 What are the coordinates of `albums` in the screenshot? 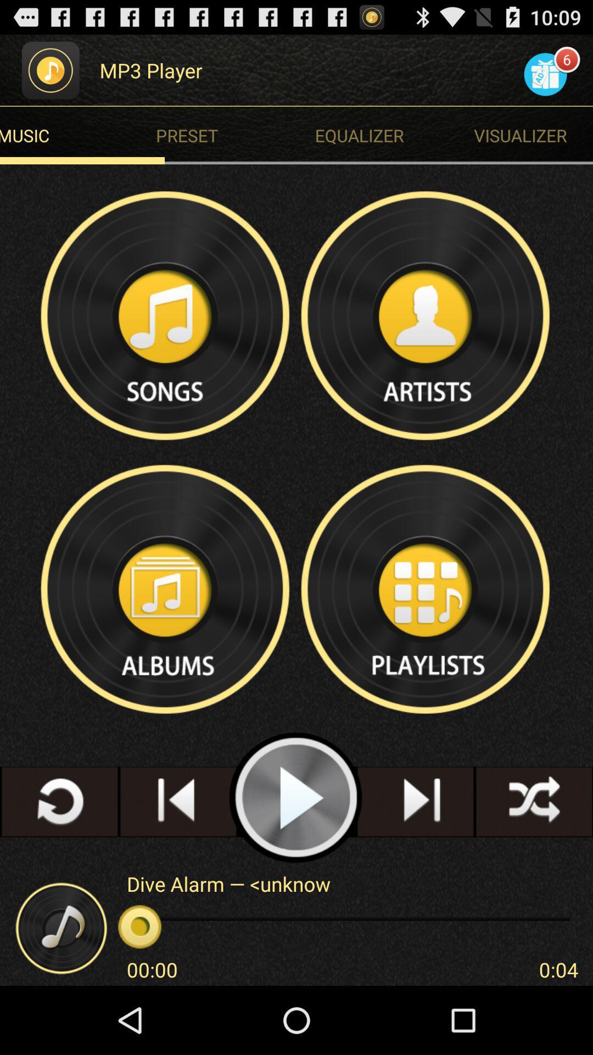 It's located at (166, 588).